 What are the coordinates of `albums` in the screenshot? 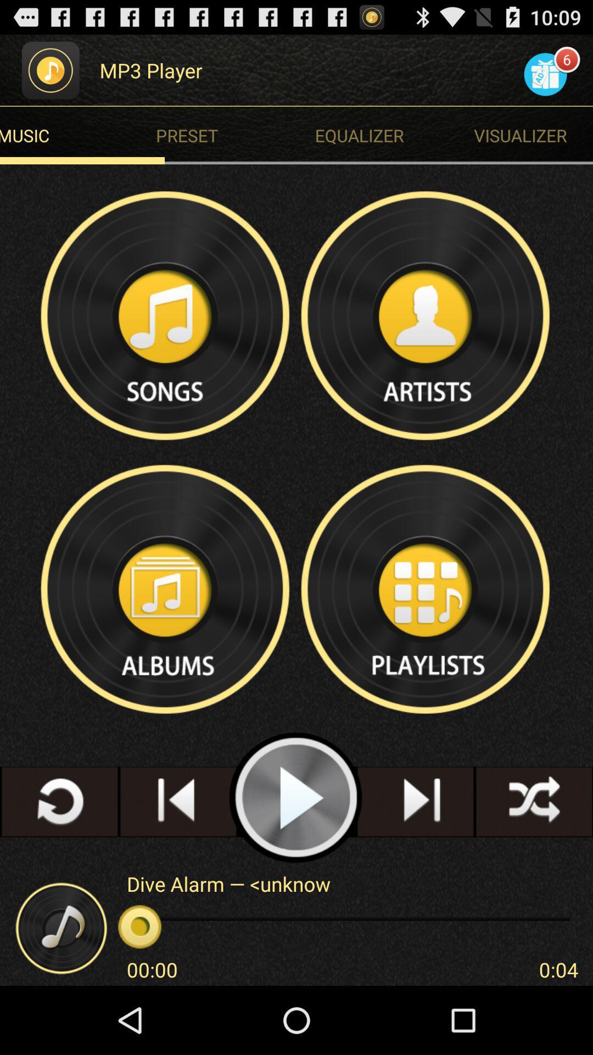 It's located at (166, 588).